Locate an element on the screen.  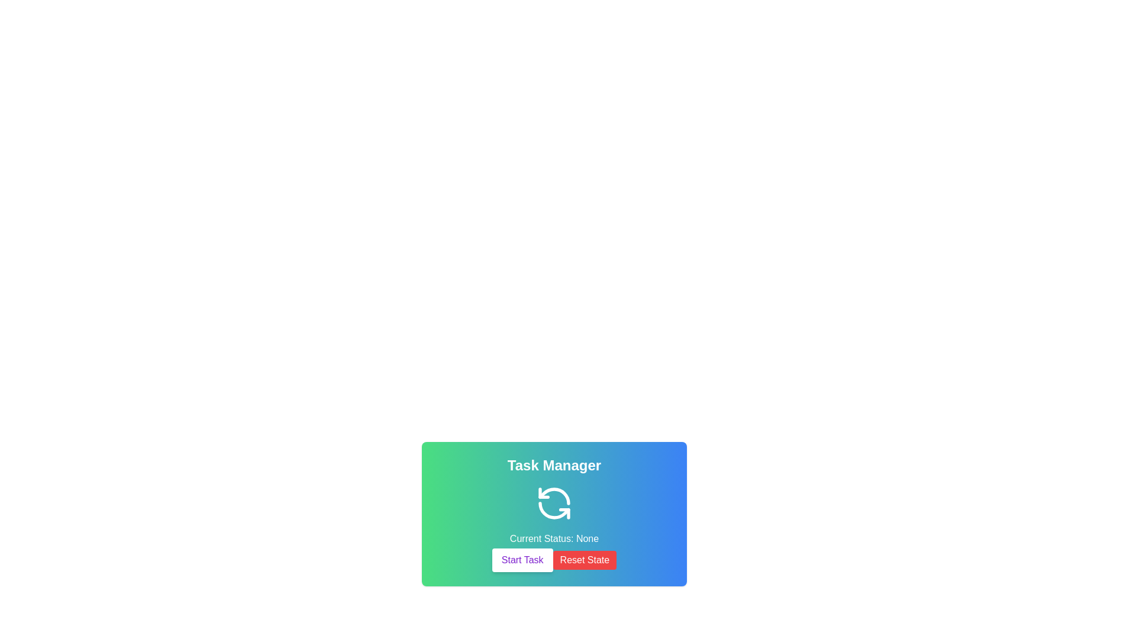
the second part of the clockwise rotational arrow design, which is a small vector graphic representing a refresh or reload icon, styled with a simple stroke outline is located at coordinates (543, 493).